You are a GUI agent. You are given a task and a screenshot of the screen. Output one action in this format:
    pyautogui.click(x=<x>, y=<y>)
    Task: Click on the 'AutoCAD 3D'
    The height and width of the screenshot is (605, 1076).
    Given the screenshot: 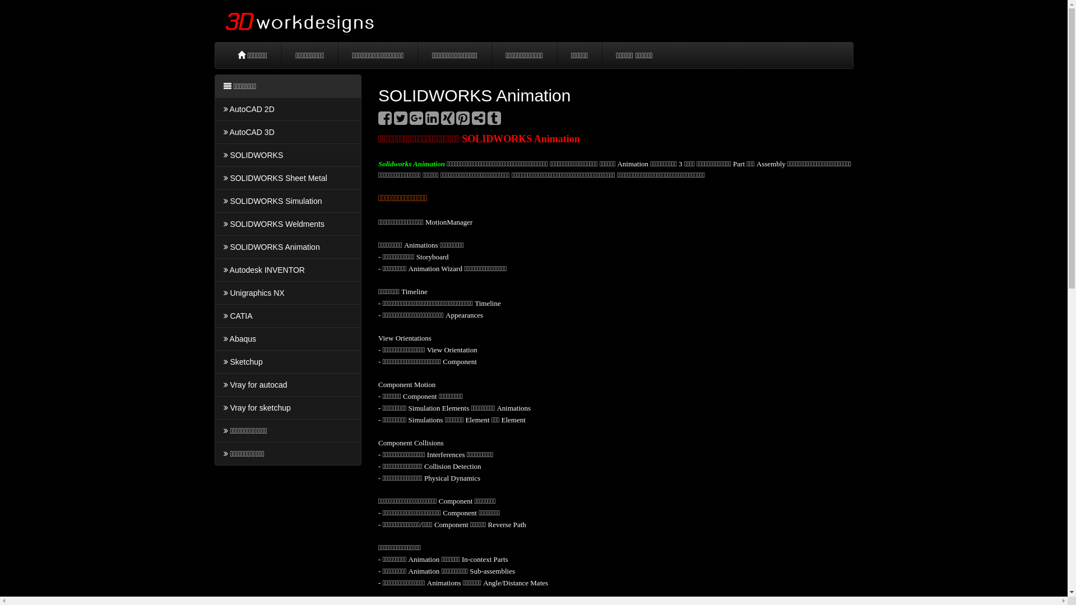 What is the action you would take?
    pyautogui.click(x=287, y=131)
    